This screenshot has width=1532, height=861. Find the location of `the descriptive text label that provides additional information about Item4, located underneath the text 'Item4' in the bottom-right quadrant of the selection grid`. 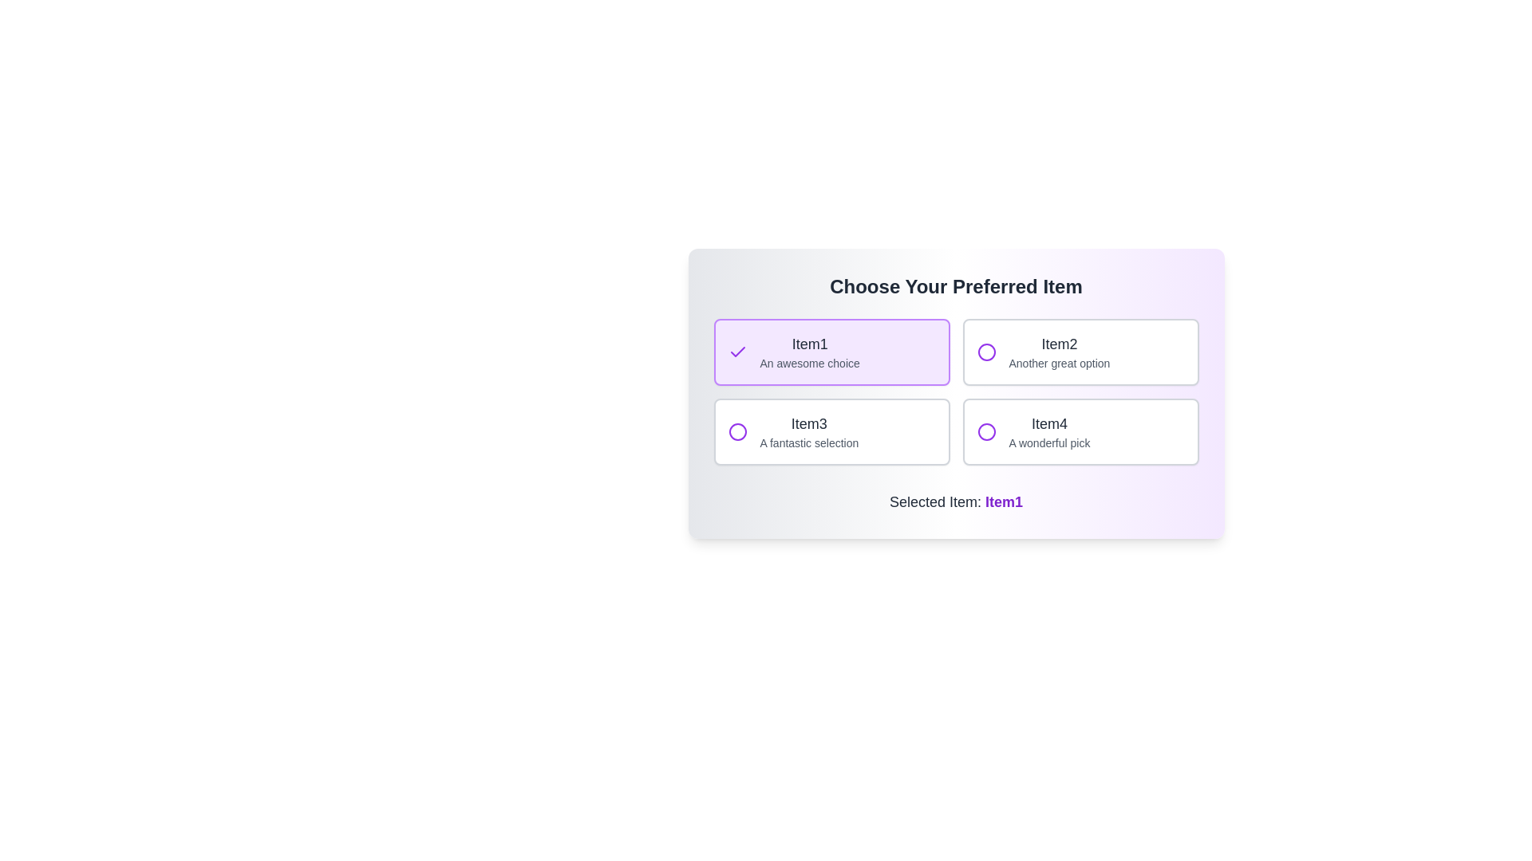

the descriptive text label that provides additional information about Item4, located underneath the text 'Item4' in the bottom-right quadrant of the selection grid is located at coordinates (1049, 442).